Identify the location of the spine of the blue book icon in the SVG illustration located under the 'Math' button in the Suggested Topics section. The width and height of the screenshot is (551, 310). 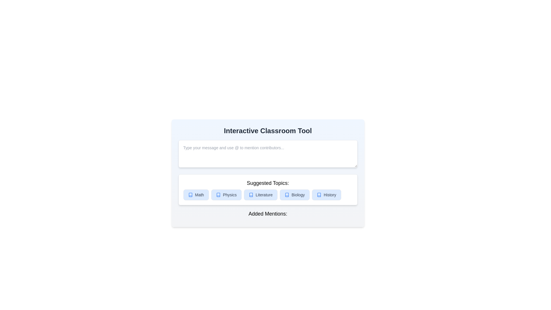
(190, 194).